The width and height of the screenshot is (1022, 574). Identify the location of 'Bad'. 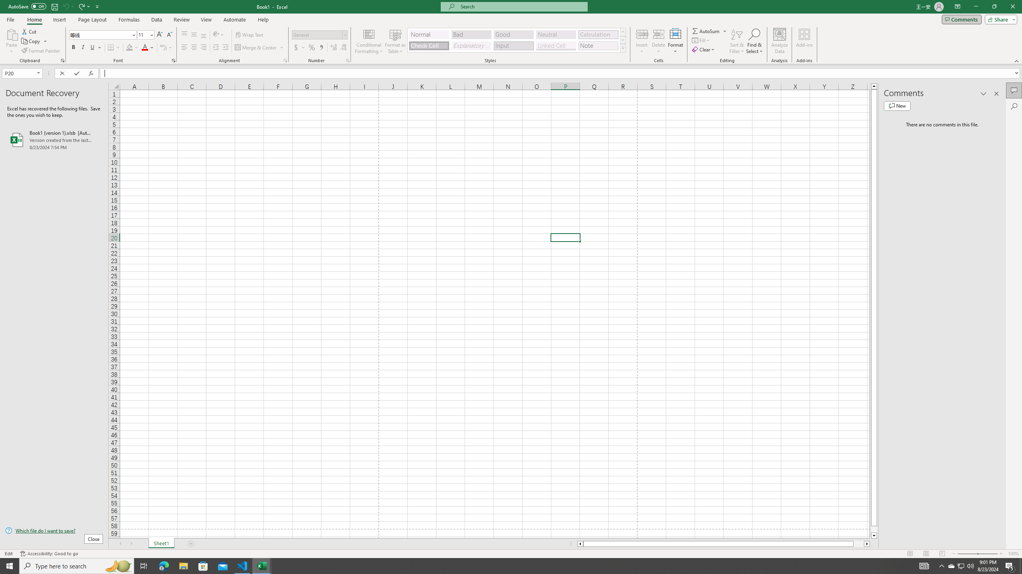
(471, 35).